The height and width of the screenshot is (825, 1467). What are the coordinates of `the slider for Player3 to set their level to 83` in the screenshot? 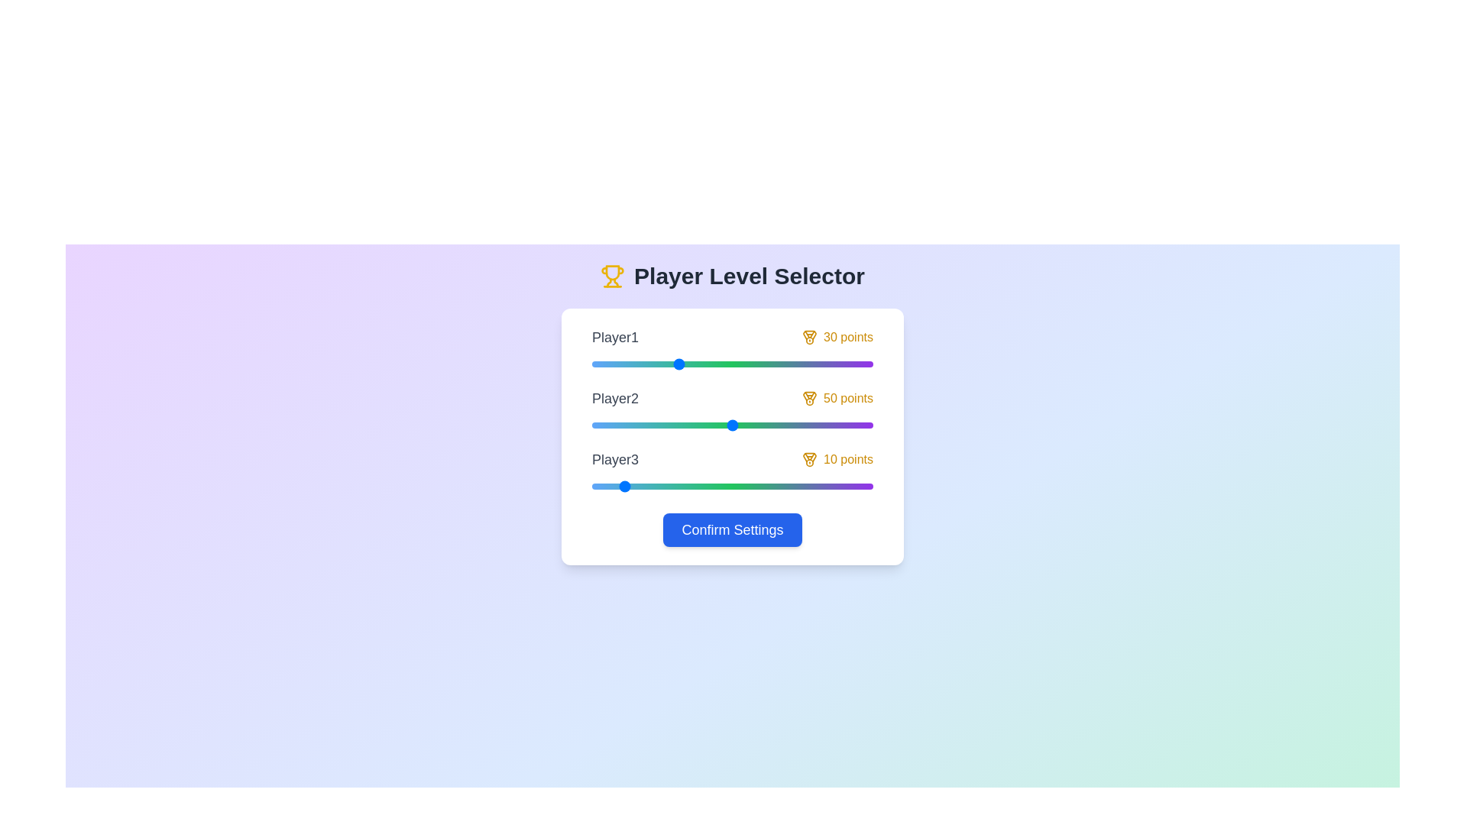 It's located at (824, 486).